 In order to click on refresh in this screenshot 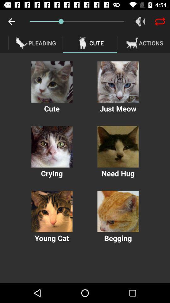, I will do `click(160, 21)`.